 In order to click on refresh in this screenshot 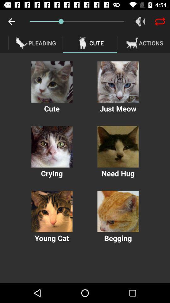, I will do `click(160, 21)`.